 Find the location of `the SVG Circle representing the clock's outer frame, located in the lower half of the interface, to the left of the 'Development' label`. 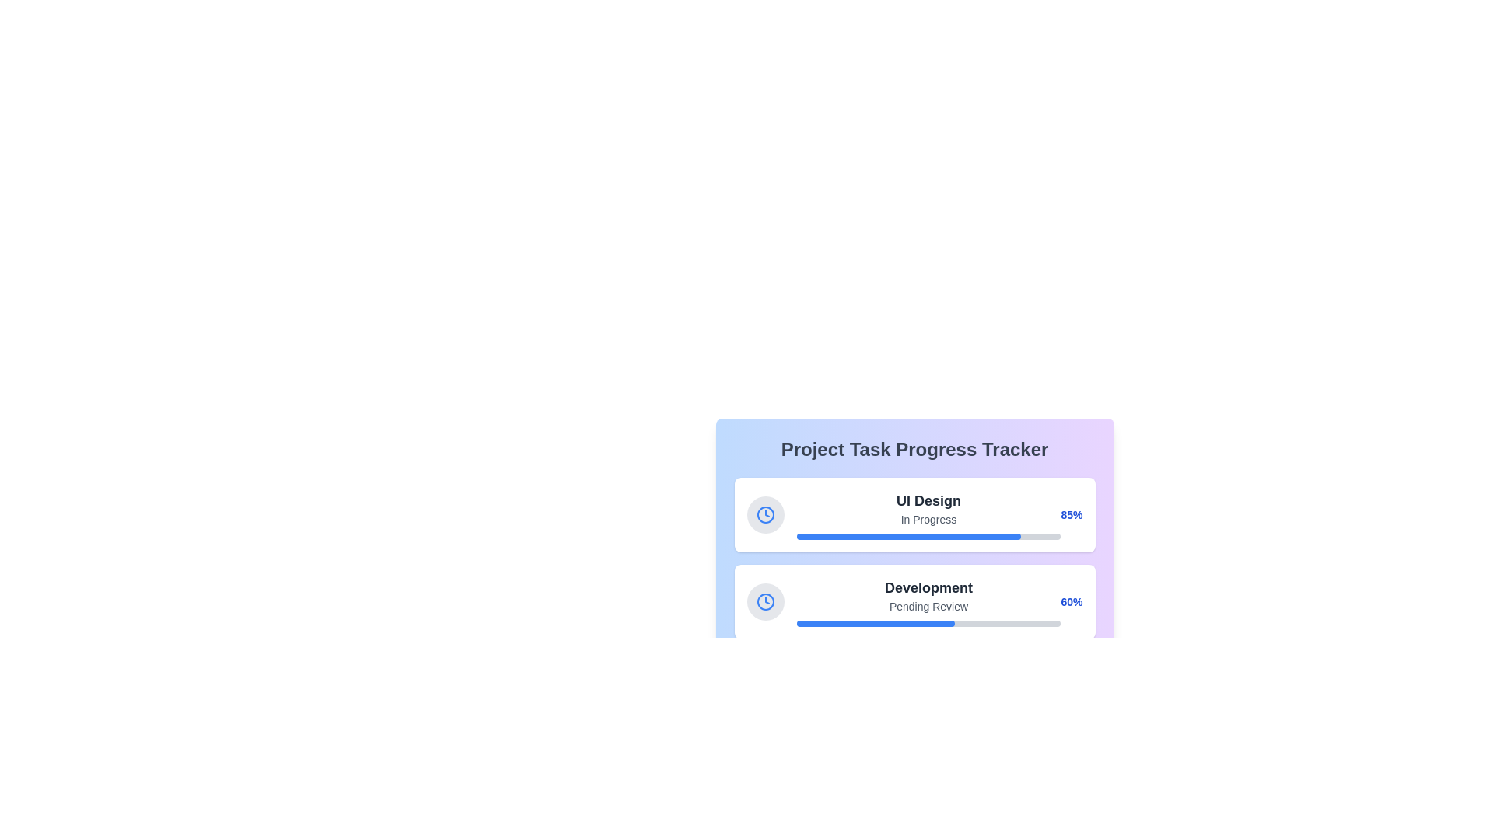

the SVG Circle representing the clock's outer frame, located in the lower half of the interface, to the left of the 'Development' label is located at coordinates (765, 515).